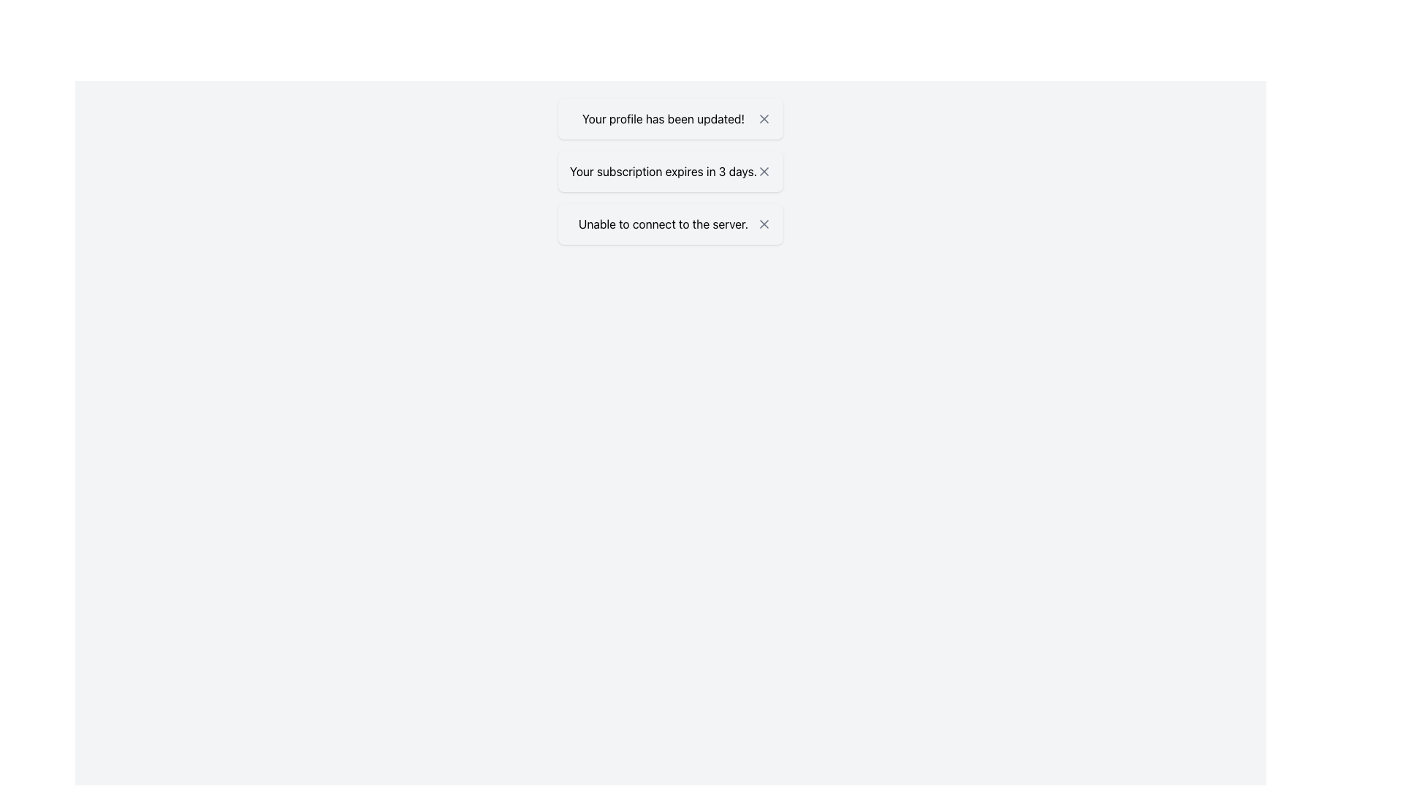 The width and height of the screenshot is (1403, 789). I want to click on the close button SVG icon located on the far-right edge of the second notification, so click(764, 171).